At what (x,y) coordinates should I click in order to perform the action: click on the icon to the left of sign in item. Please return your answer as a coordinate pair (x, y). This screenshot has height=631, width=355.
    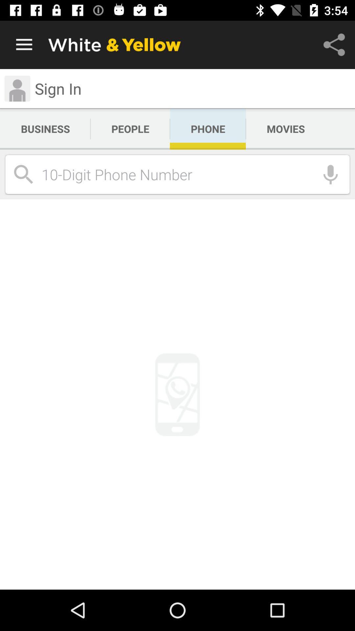
    Looking at the image, I should click on (17, 88).